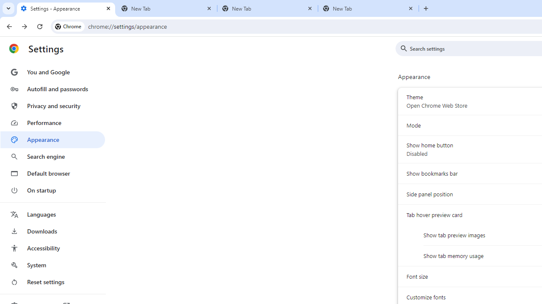  What do you see at coordinates (52, 89) in the screenshot?
I see `'Autofill and passwords'` at bounding box center [52, 89].